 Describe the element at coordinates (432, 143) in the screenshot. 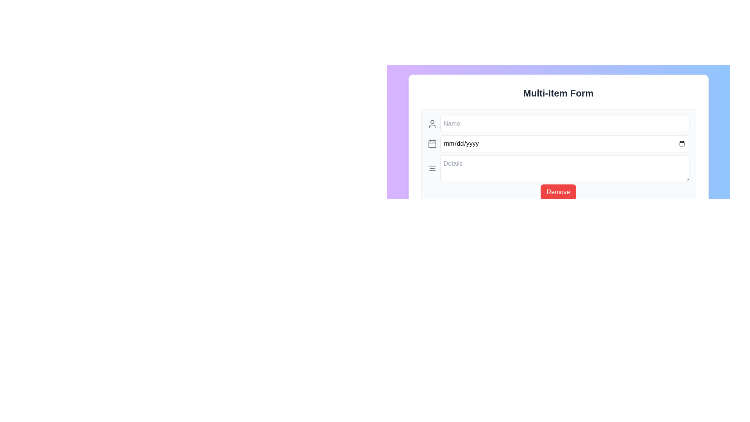

I see `the date picker icon located to the left of the date entry input field to trigger tooltip or styling effects` at that location.